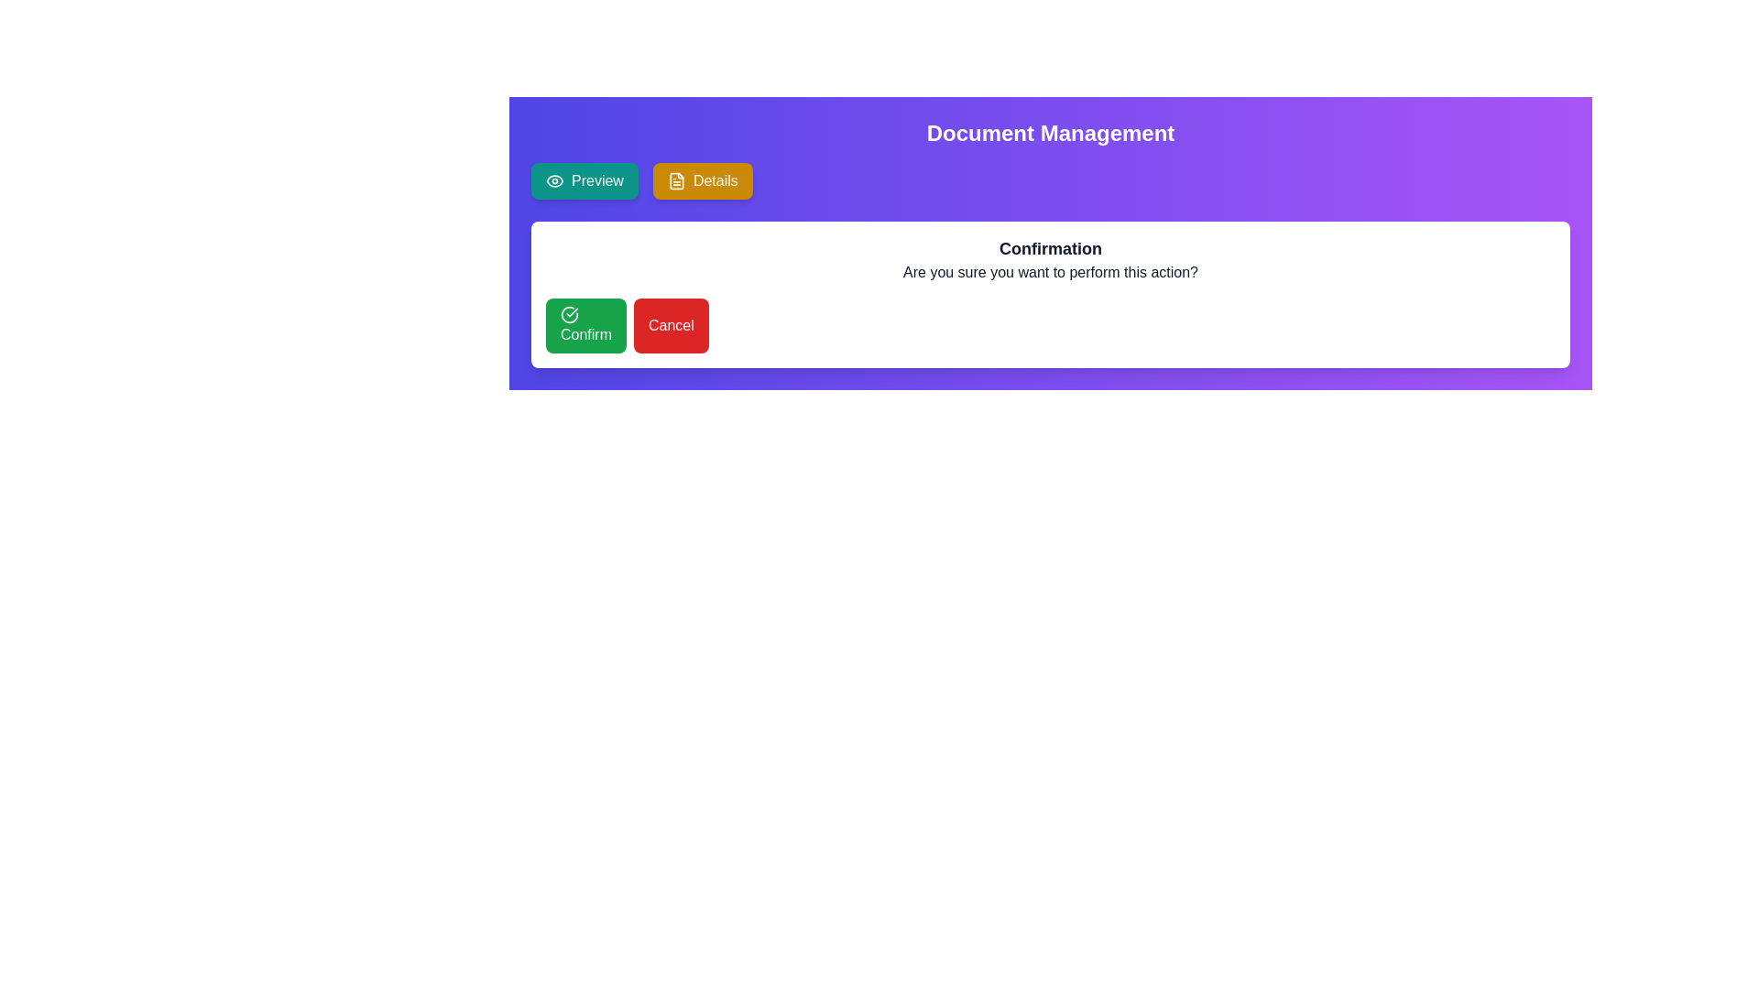 Image resolution: width=1759 pixels, height=989 pixels. Describe the element at coordinates (569, 313) in the screenshot. I see `the circular checkmark icon located to the left of the 'Confirm' text on the green button` at that location.